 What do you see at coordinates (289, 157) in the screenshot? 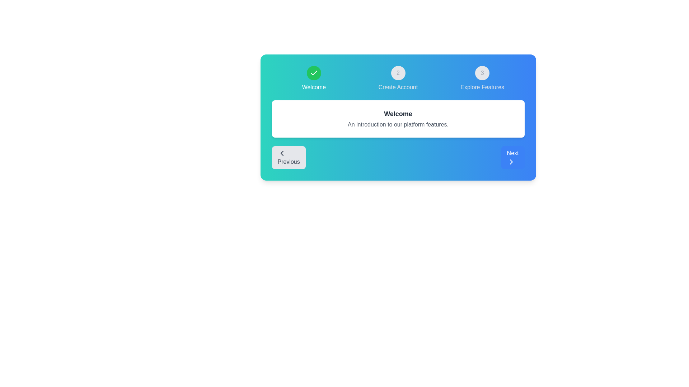
I see `Previous button to navigate to the Previous step` at bounding box center [289, 157].